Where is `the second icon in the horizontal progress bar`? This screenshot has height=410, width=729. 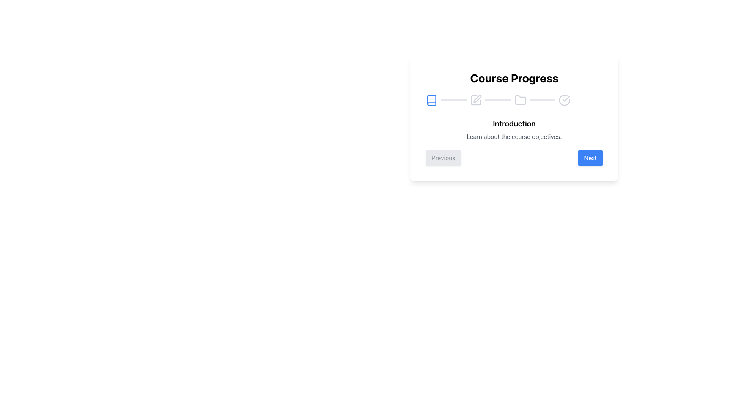 the second icon in the horizontal progress bar is located at coordinates (477, 98).